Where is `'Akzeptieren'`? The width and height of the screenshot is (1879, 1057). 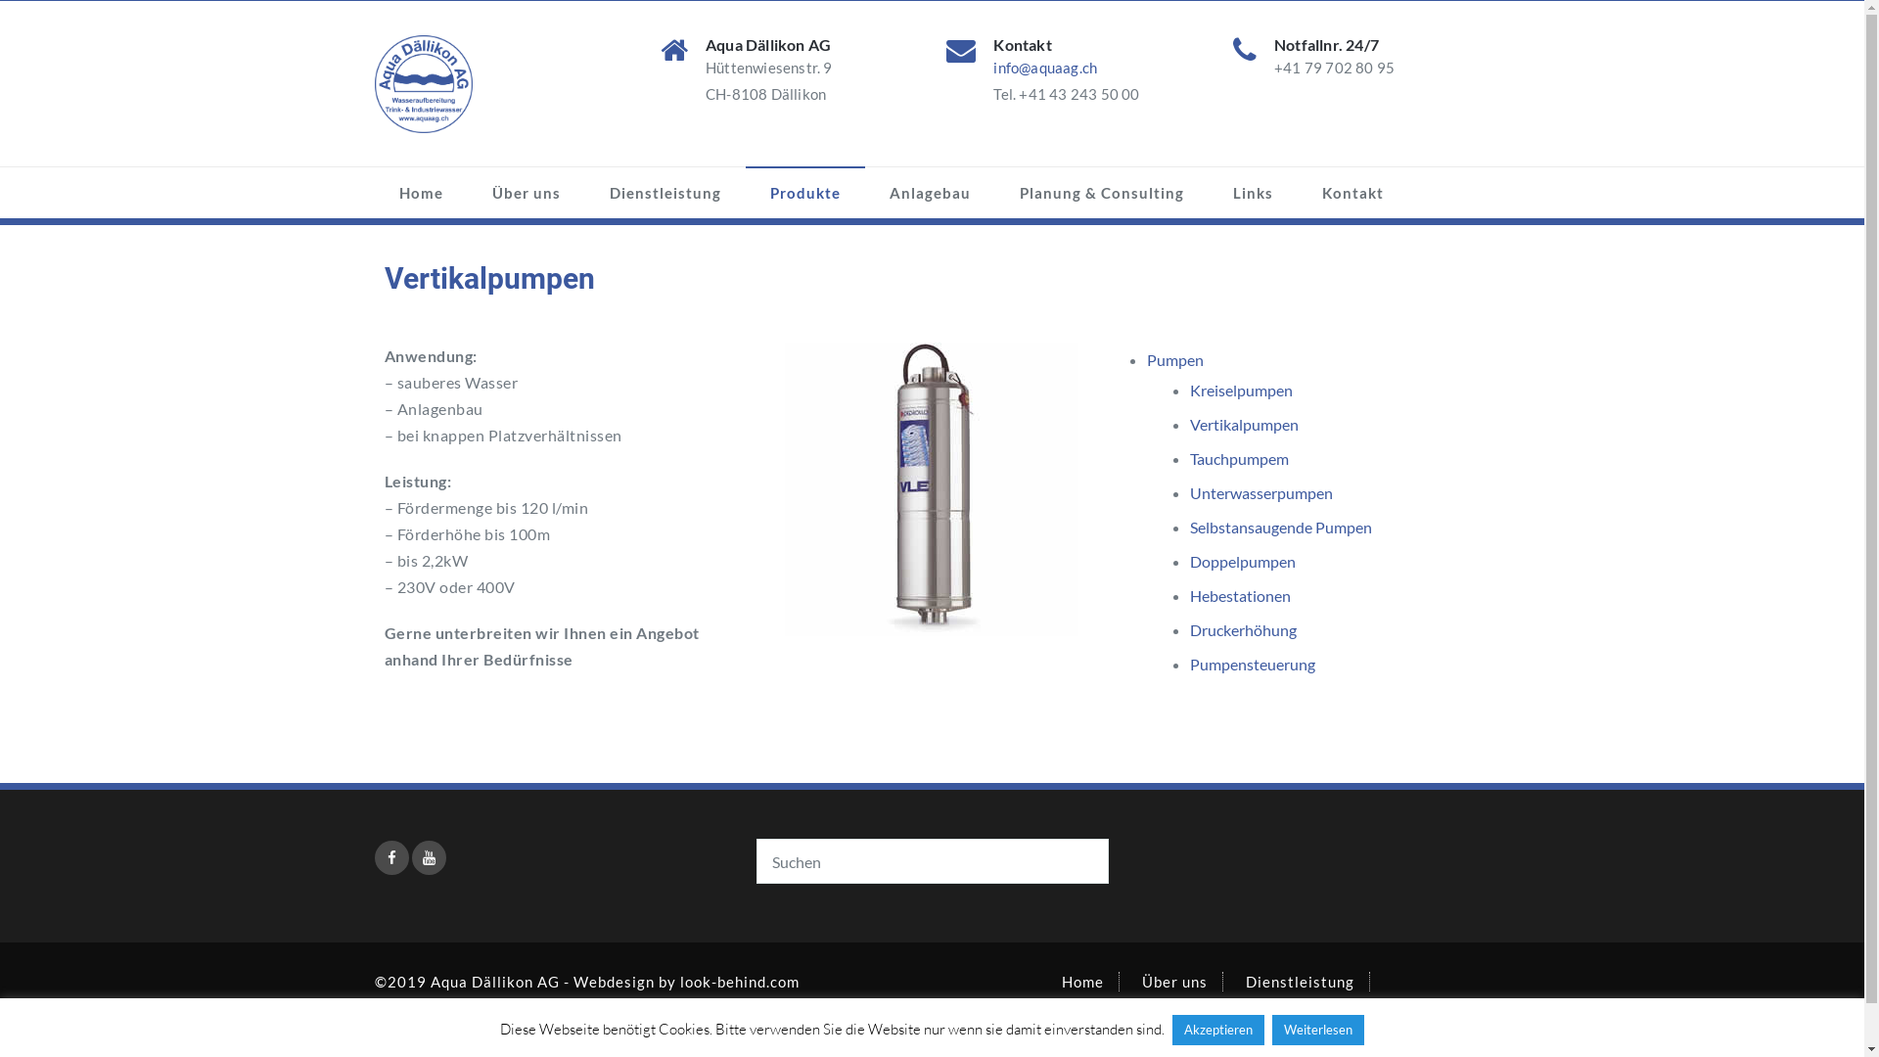
'Akzeptieren' is located at coordinates (1172, 1029).